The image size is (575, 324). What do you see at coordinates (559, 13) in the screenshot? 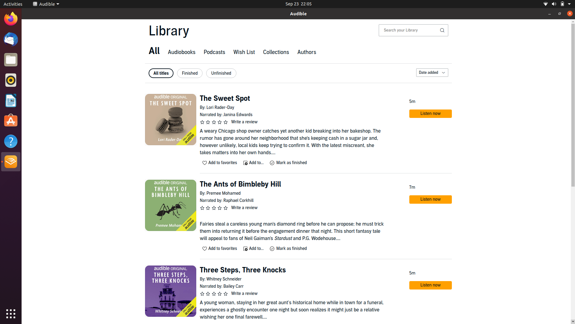
I see `Enlarge the window to full screen` at bounding box center [559, 13].